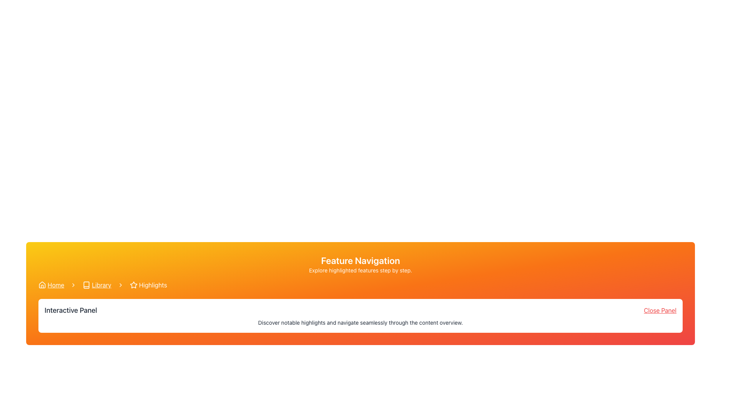 The image size is (738, 415). What do you see at coordinates (55, 285) in the screenshot?
I see `the 'Home' hyperlink located in the breadcrumb navigation bar` at bounding box center [55, 285].